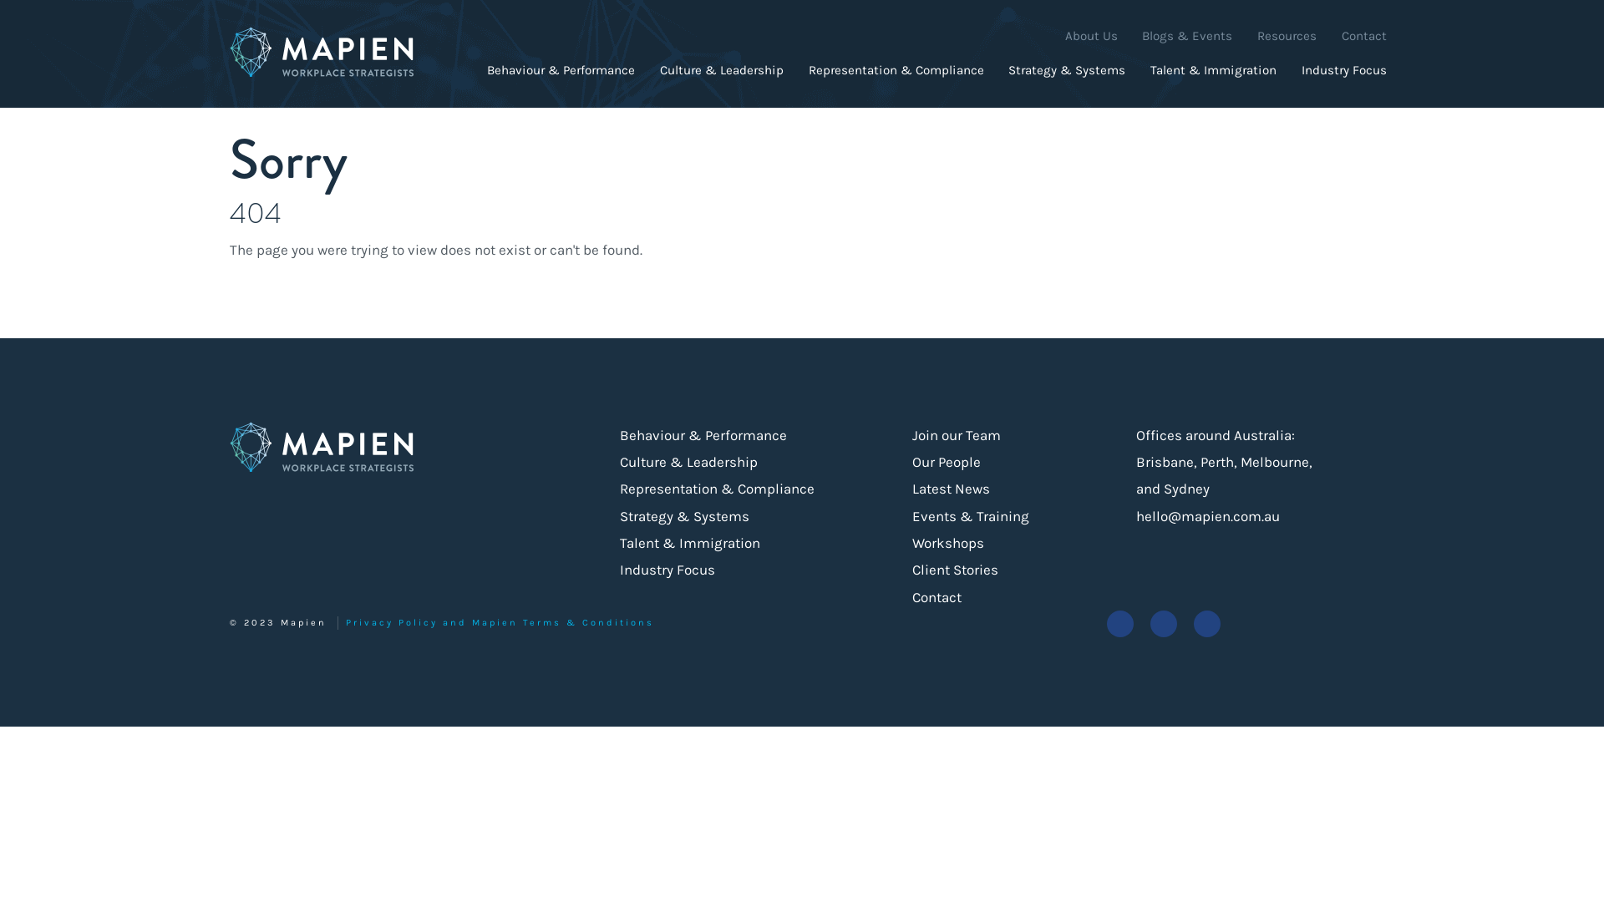 This screenshot has height=902, width=1604. I want to click on 'Resources', so click(1286, 35).